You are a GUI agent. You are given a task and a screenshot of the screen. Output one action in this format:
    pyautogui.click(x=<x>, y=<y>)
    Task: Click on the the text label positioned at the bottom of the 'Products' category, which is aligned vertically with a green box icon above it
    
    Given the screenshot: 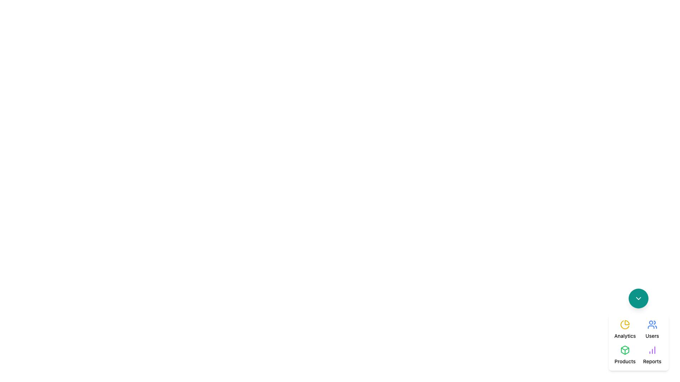 What is the action you would take?
    pyautogui.click(x=625, y=361)
    